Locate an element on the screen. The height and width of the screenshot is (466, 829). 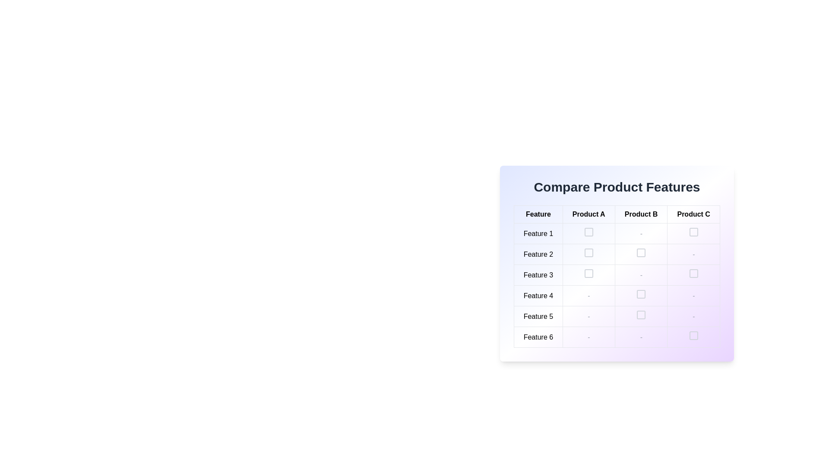
the checkbox in the third row (Feature 3) and third column (Product B) is located at coordinates (617, 285).